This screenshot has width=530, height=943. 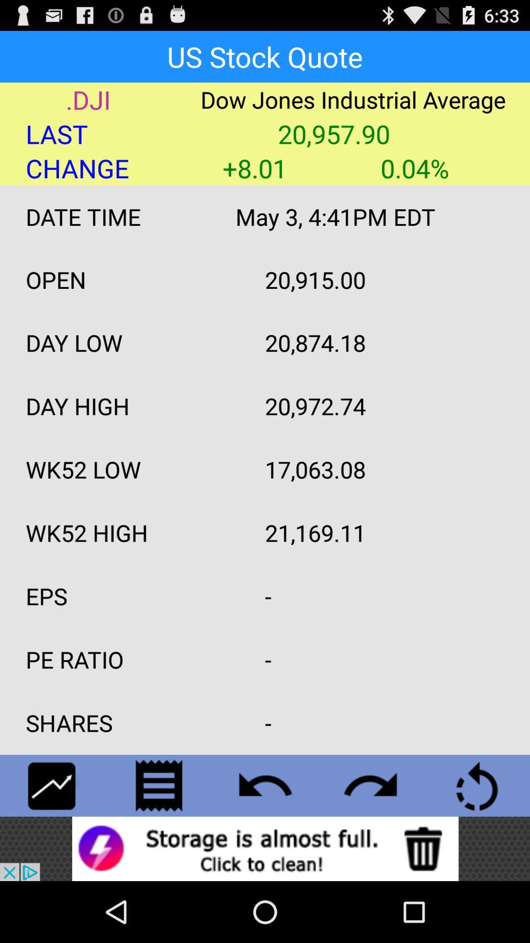 What do you see at coordinates (265, 848) in the screenshot?
I see `open advertisement` at bounding box center [265, 848].